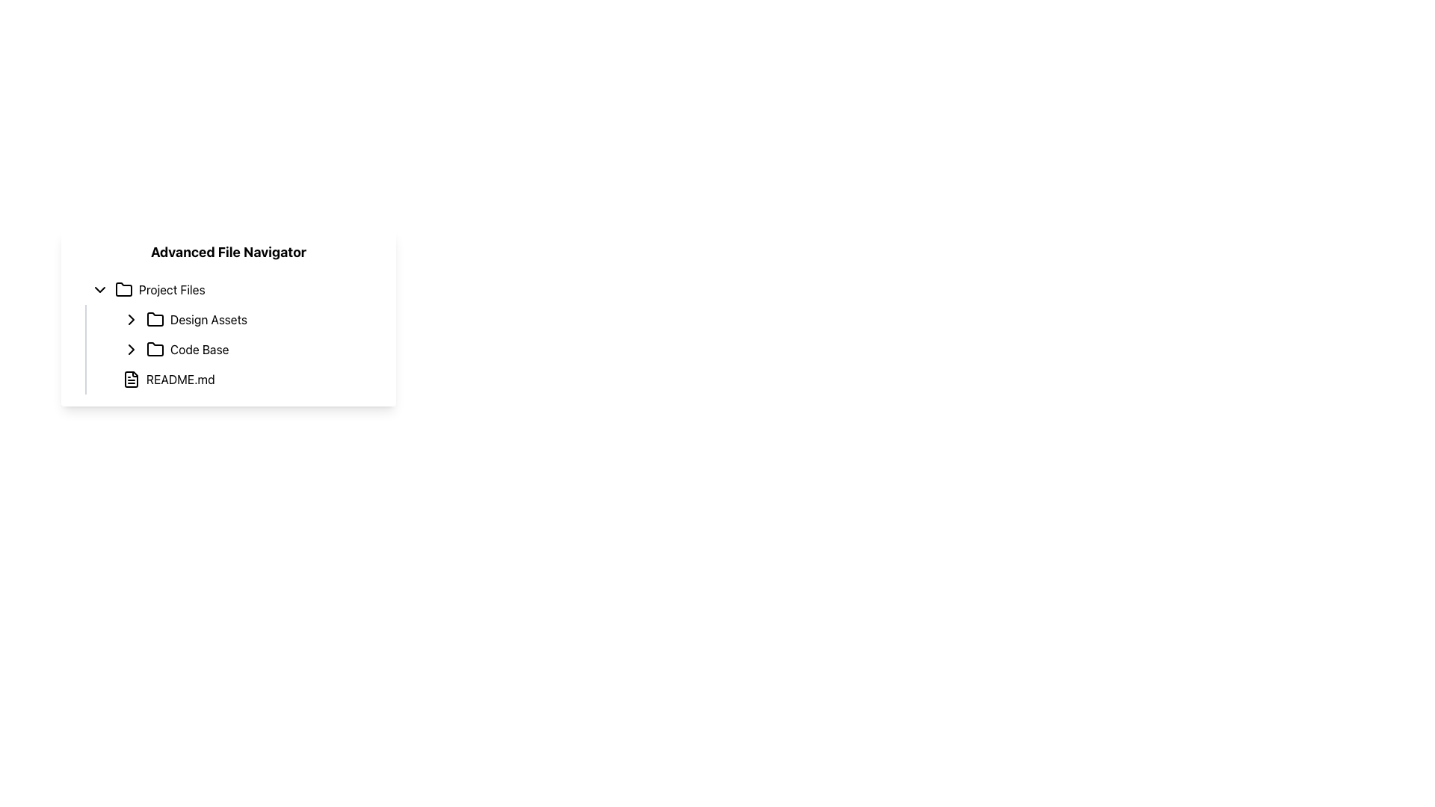  Describe the element at coordinates (199, 349) in the screenshot. I see `the text label for the 'Code Base' directory, located under the 'Project Files' section` at that location.